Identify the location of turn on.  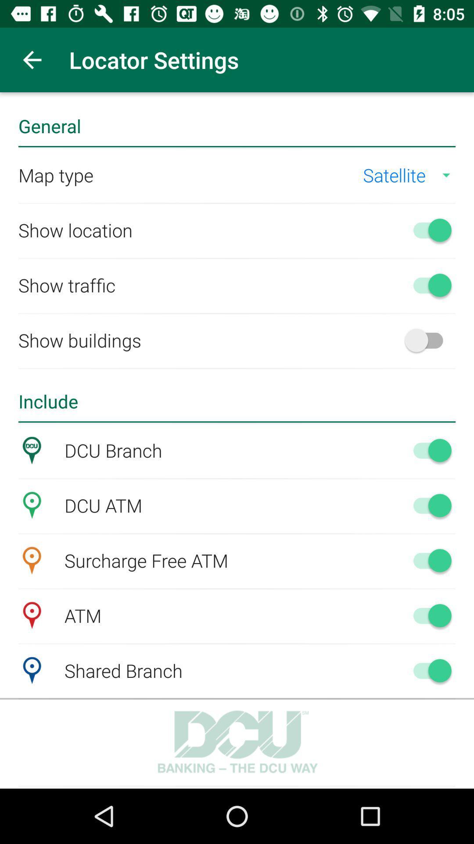
(427, 560).